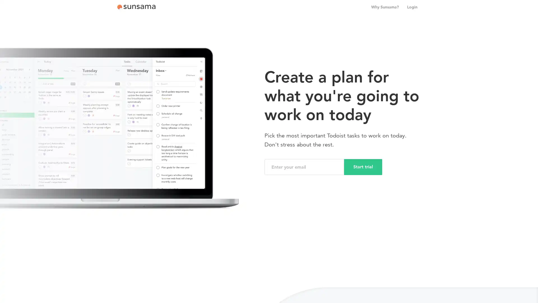 The width and height of the screenshot is (538, 303). I want to click on Start trial, so click(363, 167).